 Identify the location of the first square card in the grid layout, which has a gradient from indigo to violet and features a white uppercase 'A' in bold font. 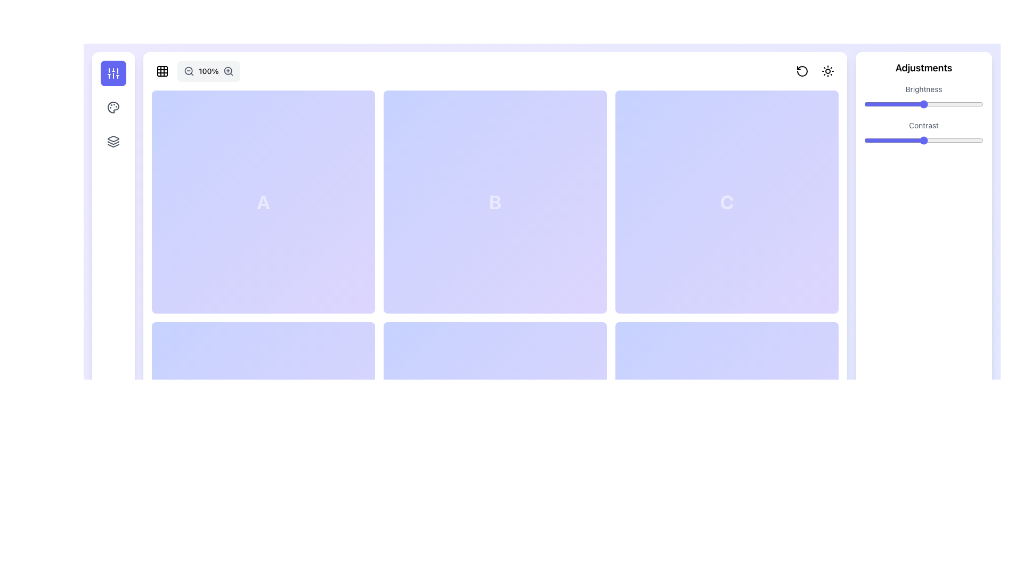
(263, 202).